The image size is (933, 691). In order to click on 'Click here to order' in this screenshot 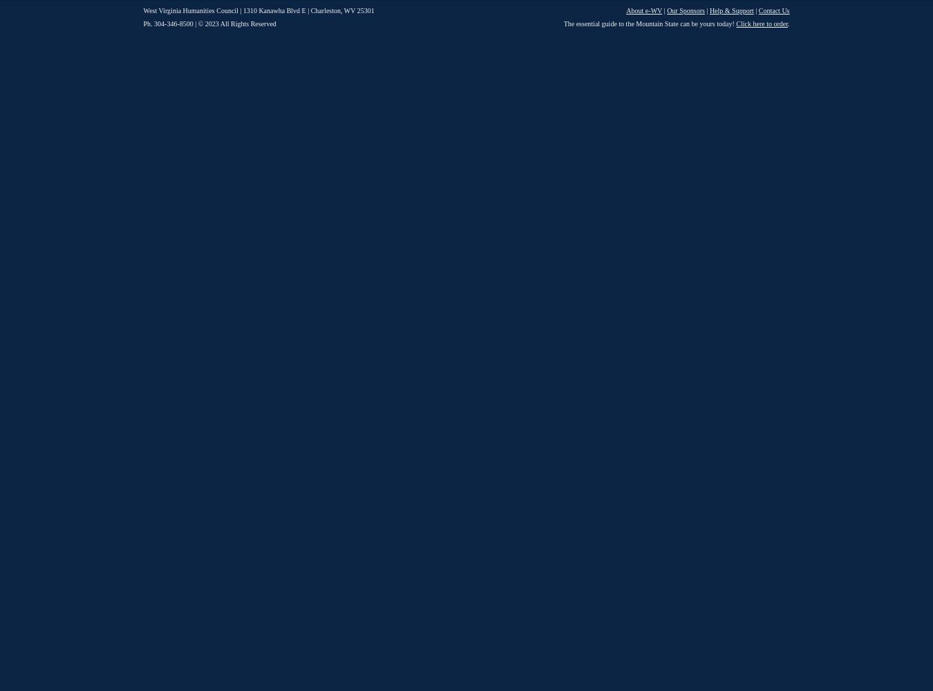, I will do `click(762, 23)`.